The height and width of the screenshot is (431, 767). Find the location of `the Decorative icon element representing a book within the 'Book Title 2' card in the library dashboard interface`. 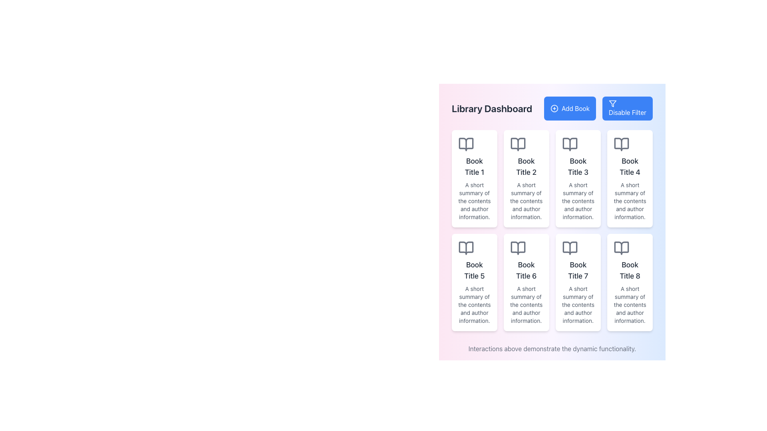

the Decorative icon element representing a book within the 'Book Title 2' card in the library dashboard interface is located at coordinates (518, 144).